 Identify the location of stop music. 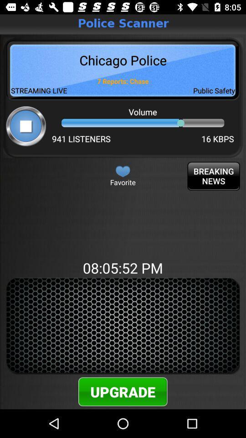
(26, 125).